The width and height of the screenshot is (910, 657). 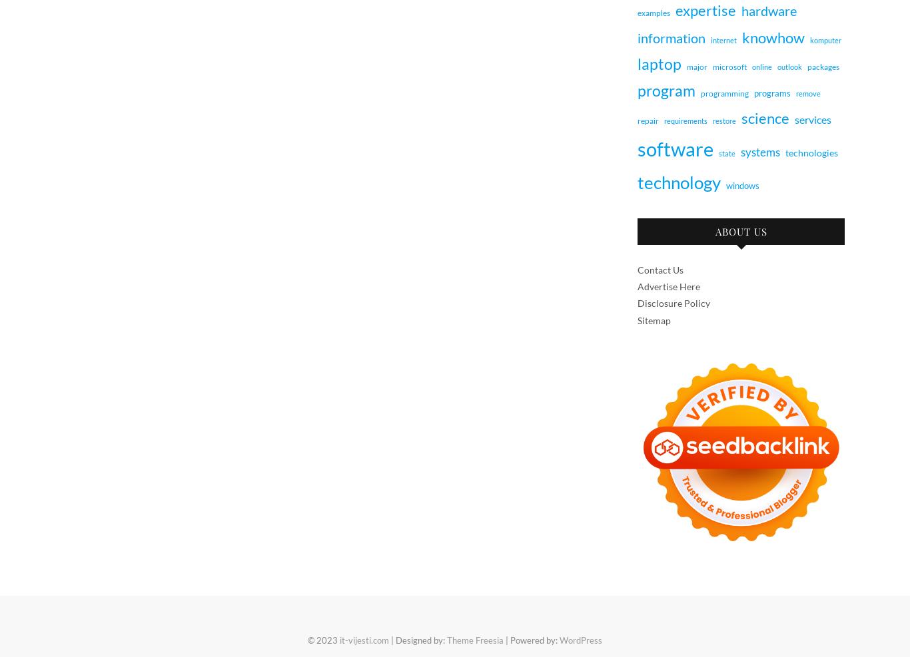 I want to click on 'knowhow', so click(x=773, y=36).